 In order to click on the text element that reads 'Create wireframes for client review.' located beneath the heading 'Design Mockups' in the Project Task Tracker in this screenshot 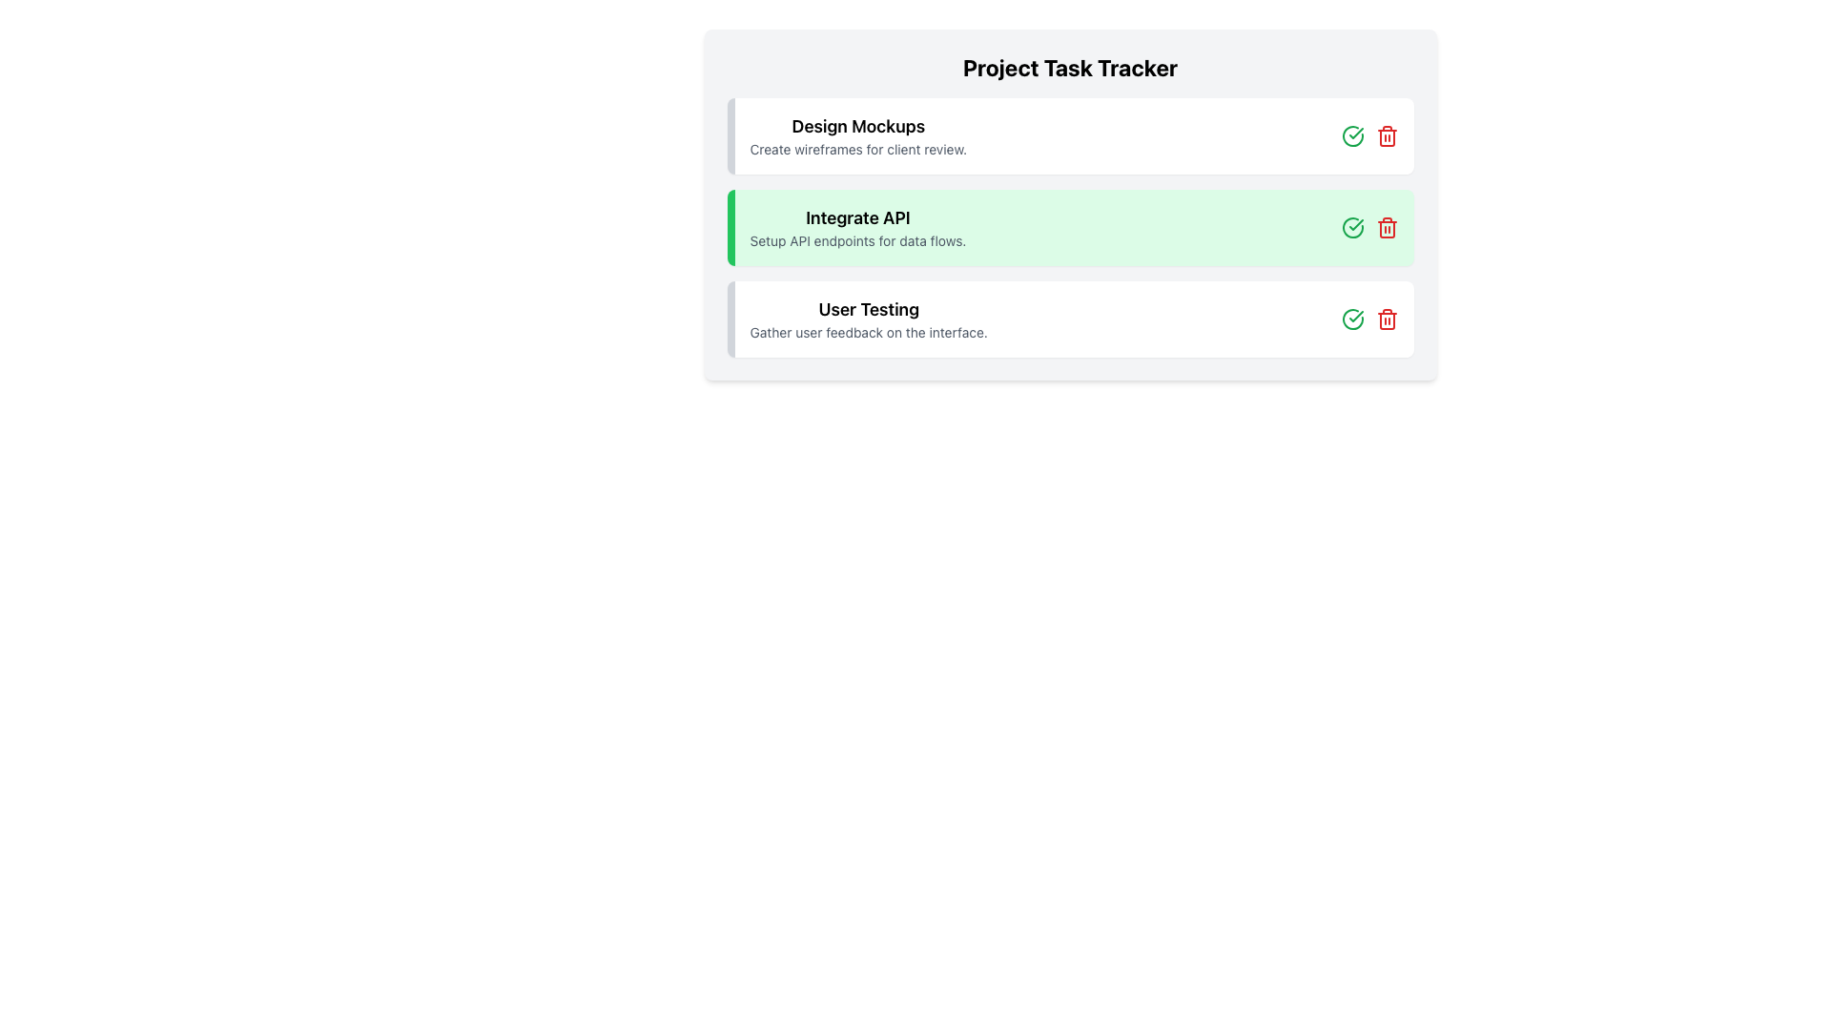, I will do `click(857, 149)`.